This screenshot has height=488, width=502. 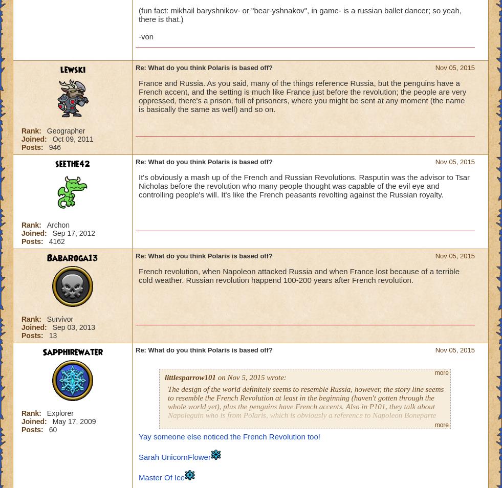 I want to click on 'Survivor', so click(x=59, y=319).